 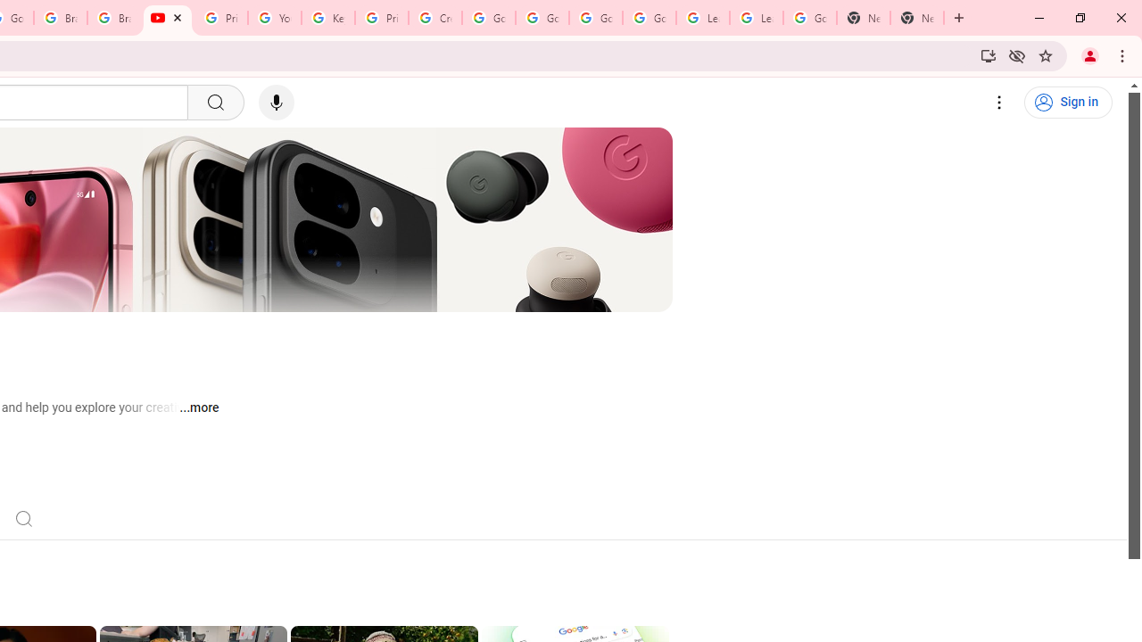 What do you see at coordinates (595, 18) in the screenshot?
I see `'Google Account Help'` at bounding box center [595, 18].